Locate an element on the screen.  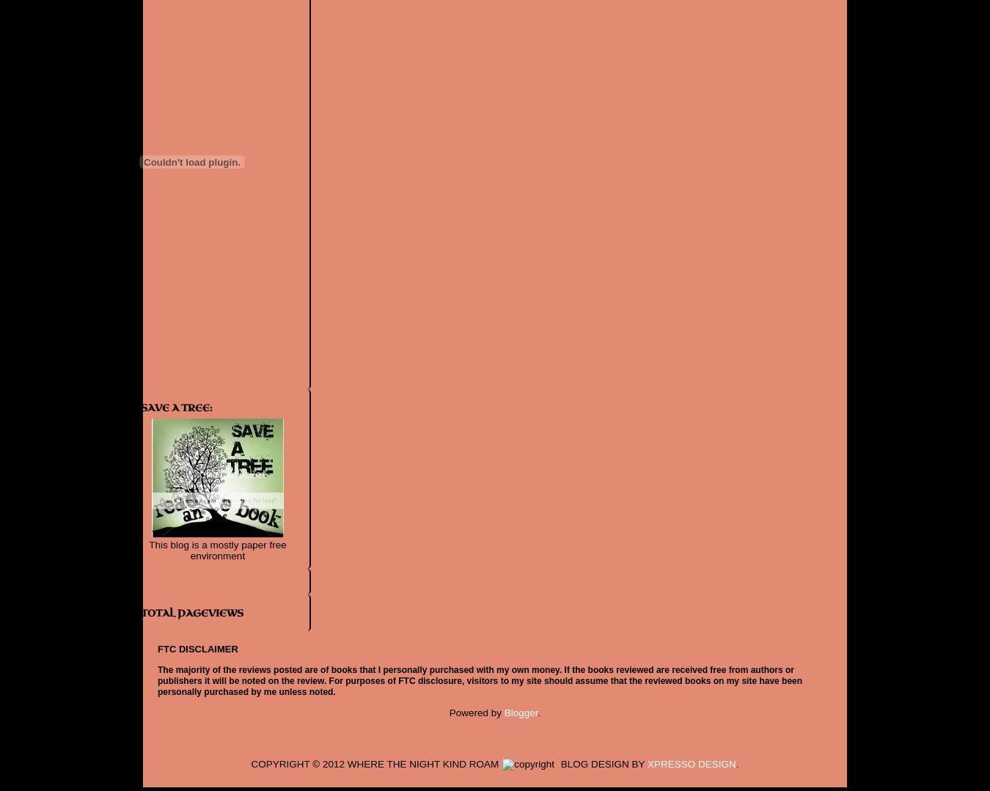
'FTC Disclaimer' is located at coordinates (197, 647).